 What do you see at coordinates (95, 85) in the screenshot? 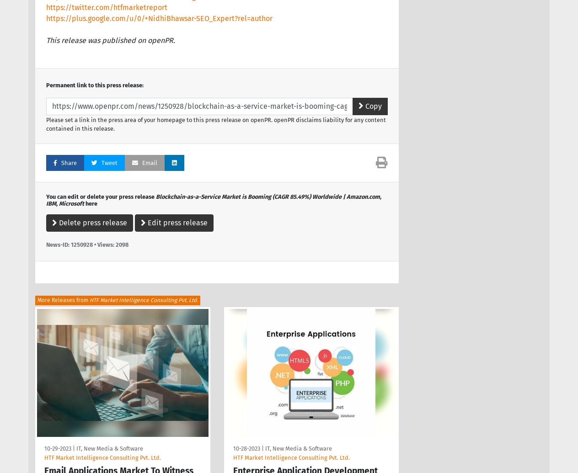
I see `'Permanent link to this press release:'` at bounding box center [95, 85].